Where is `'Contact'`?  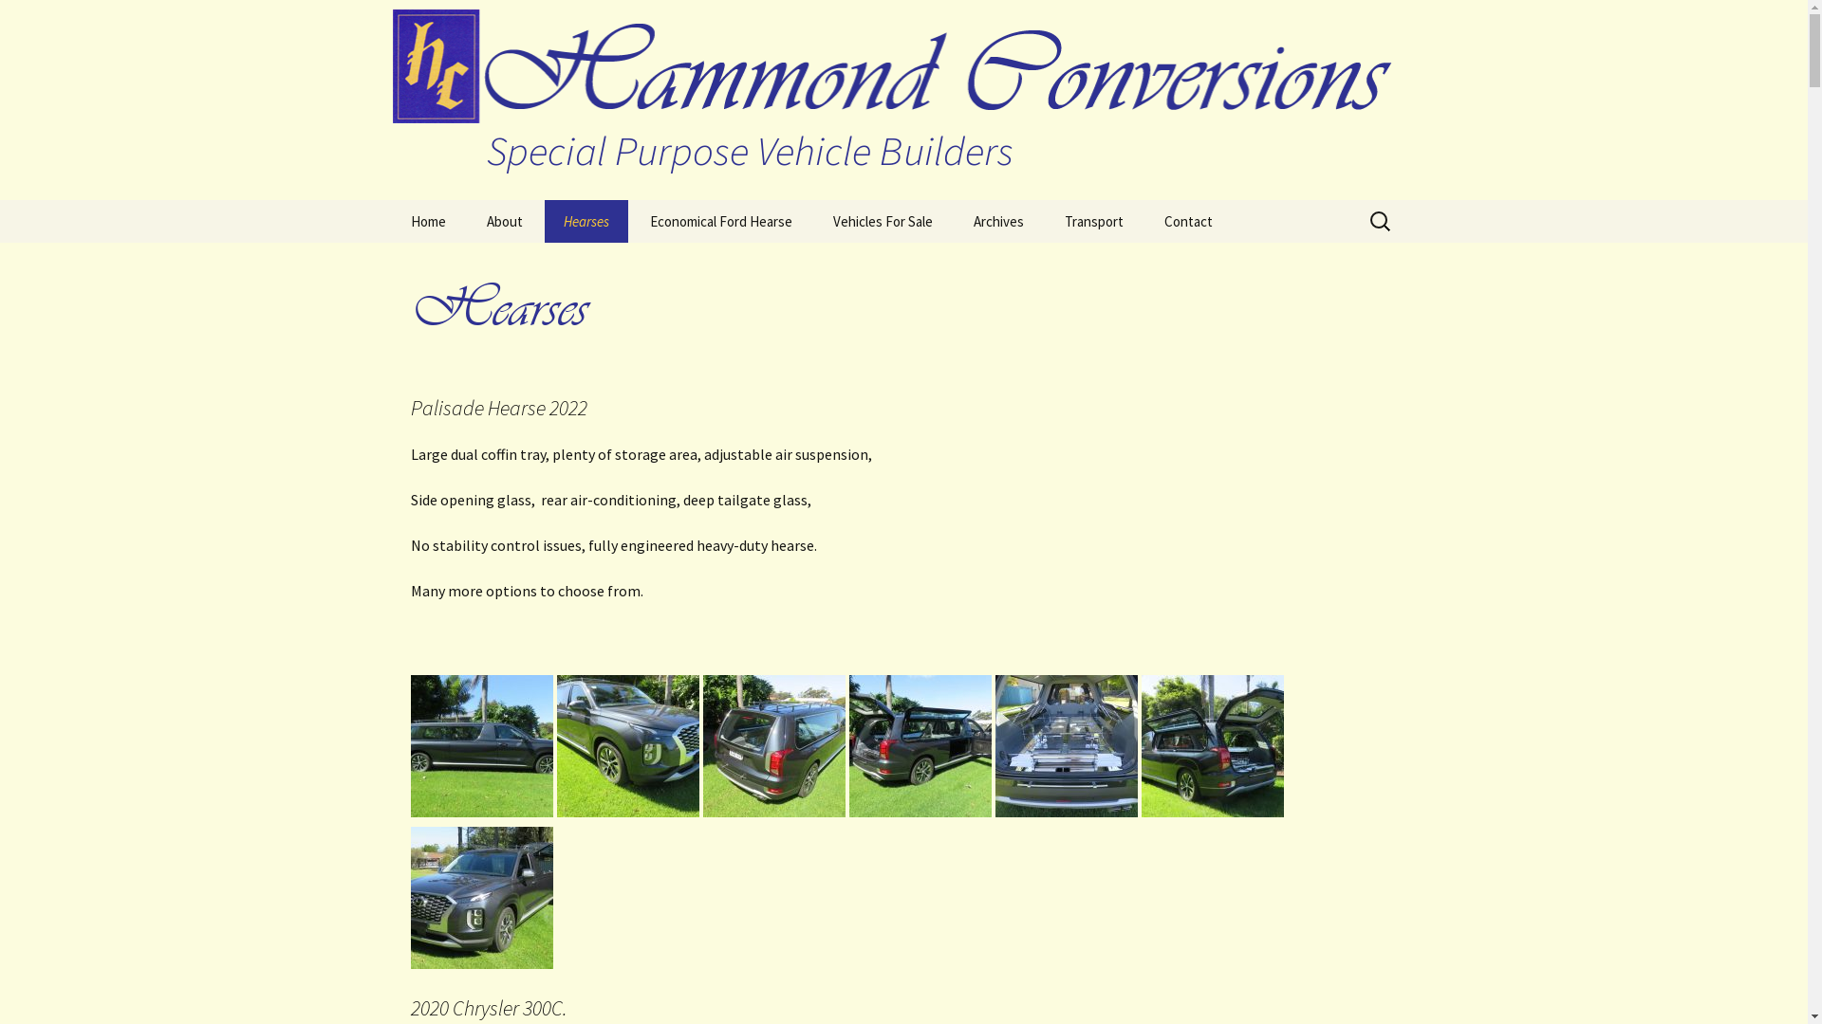 'Contact' is located at coordinates (1186, 220).